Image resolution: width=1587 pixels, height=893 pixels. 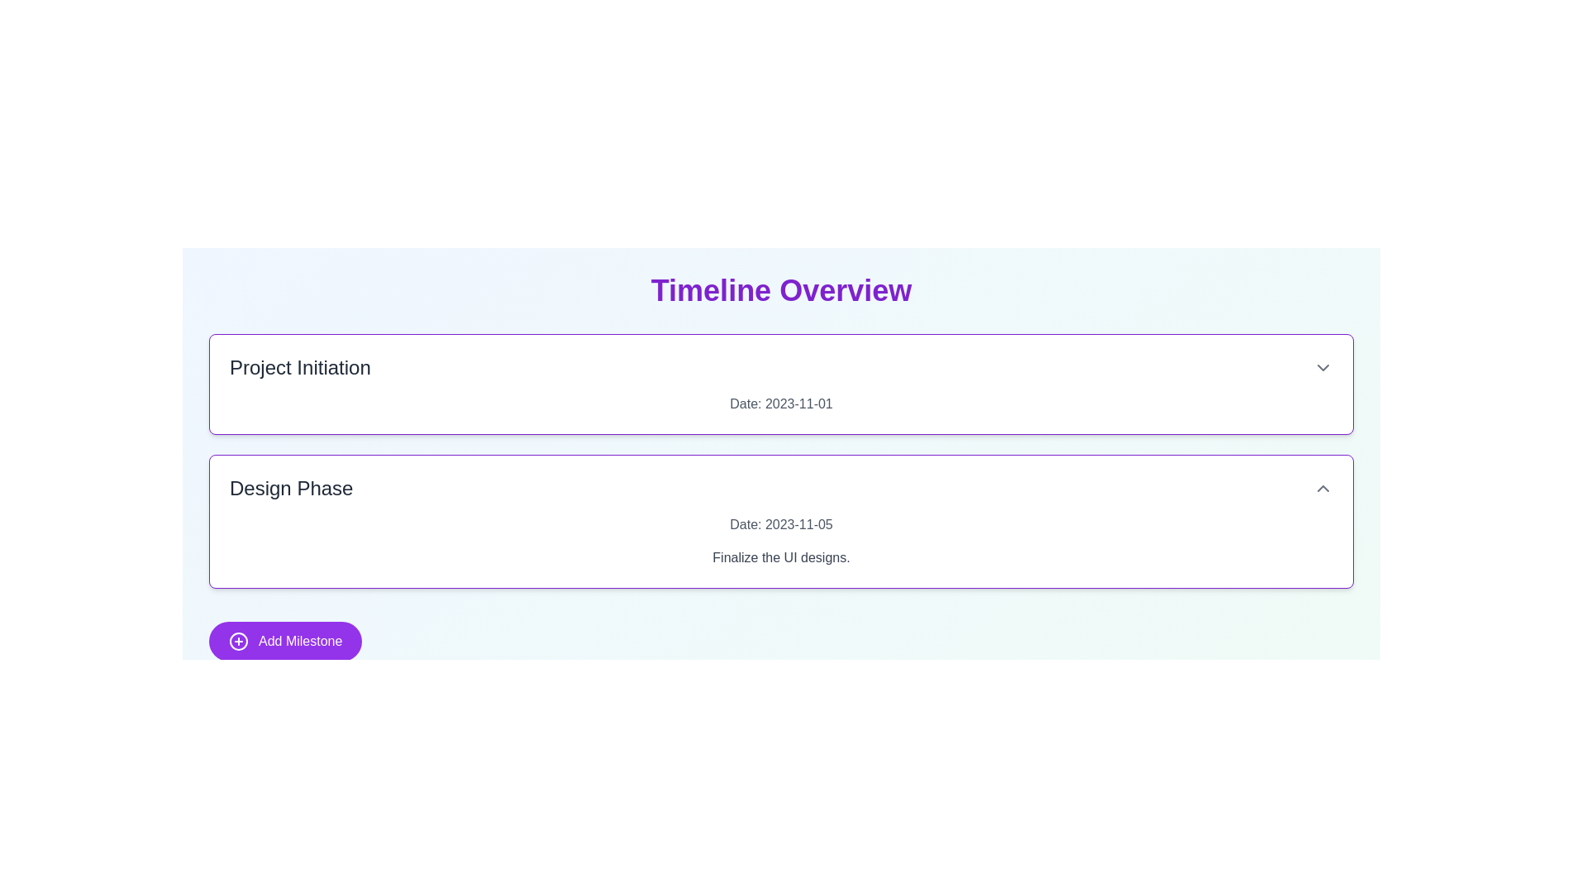 I want to click on the downward-pointing chevron icon on the far-right side of the 'Project Initiation' panel, so click(x=1323, y=366).